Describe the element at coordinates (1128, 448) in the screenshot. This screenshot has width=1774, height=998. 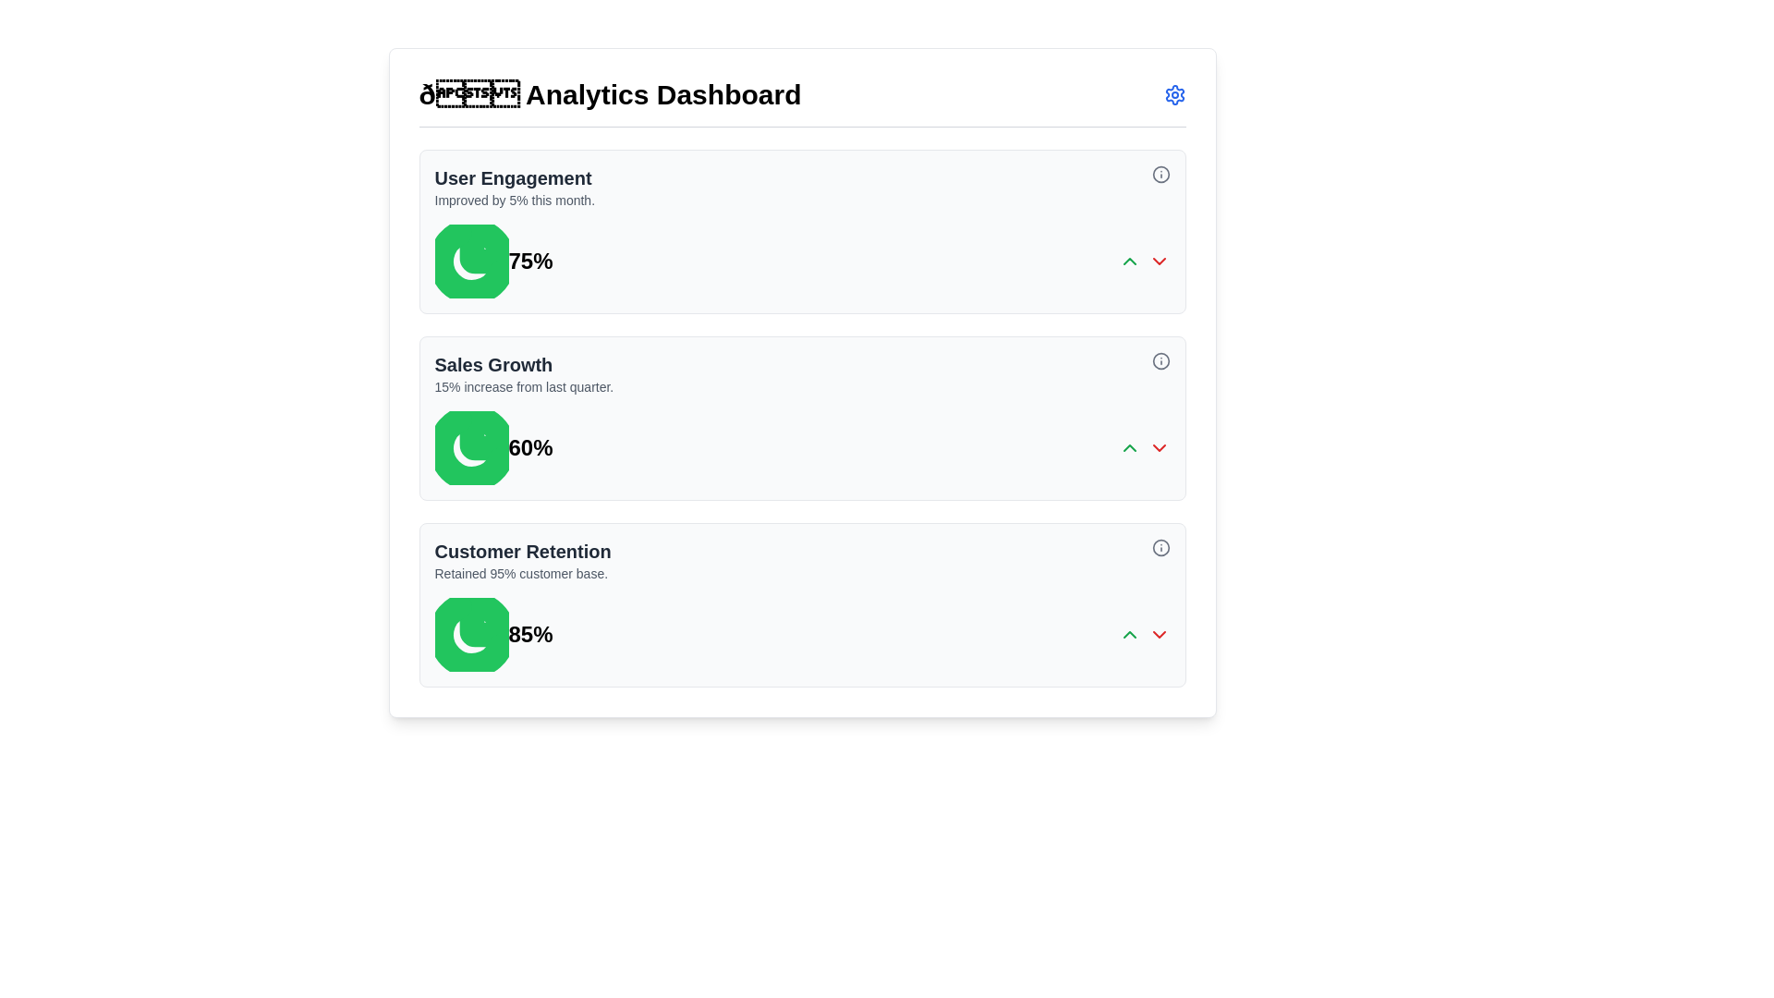
I see `the green upward chevron icon located to the far right of the 'Sales Growth' and '60%' display` at that location.